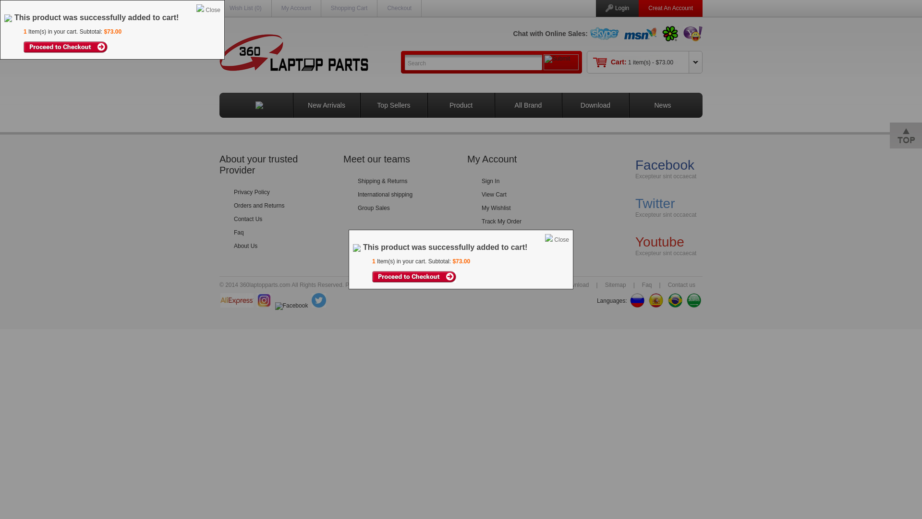 The image size is (922, 519). What do you see at coordinates (594, 105) in the screenshot?
I see `'Download'` at bounding box center [594, 105].